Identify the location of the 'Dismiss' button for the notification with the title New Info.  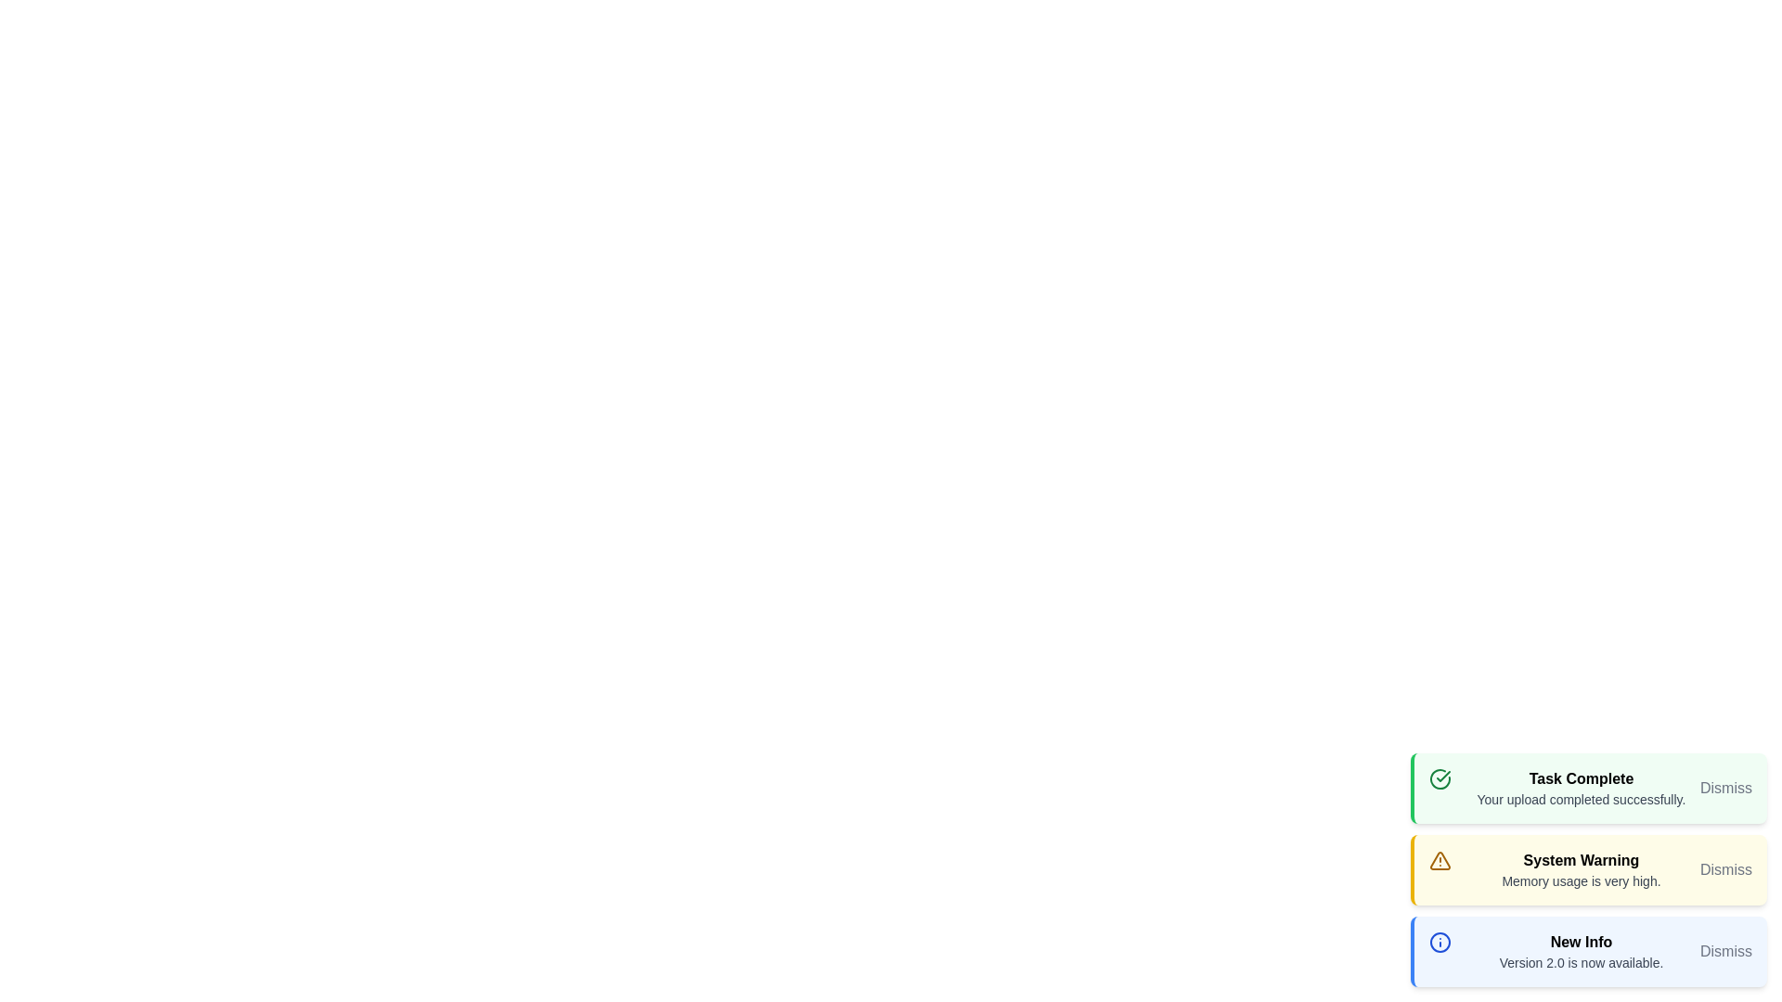
(1725, 952).